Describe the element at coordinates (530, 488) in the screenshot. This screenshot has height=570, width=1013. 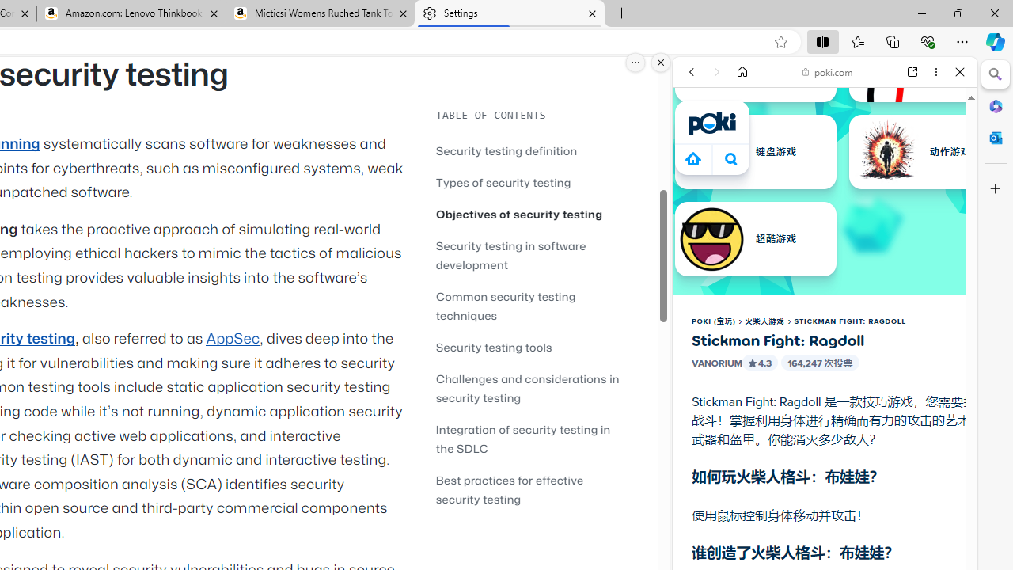
I see `'Best practices for effective security testing'` at that location.